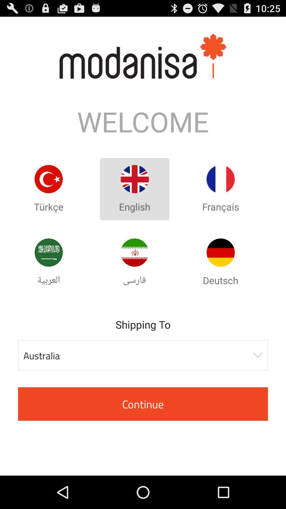 Image resolution: width=286 pixels, height=509 pixels. What do you see at coordinates (48, 252) in the screenshot?
I see `ship to saudi arabia` at bounding box center [48, 252].